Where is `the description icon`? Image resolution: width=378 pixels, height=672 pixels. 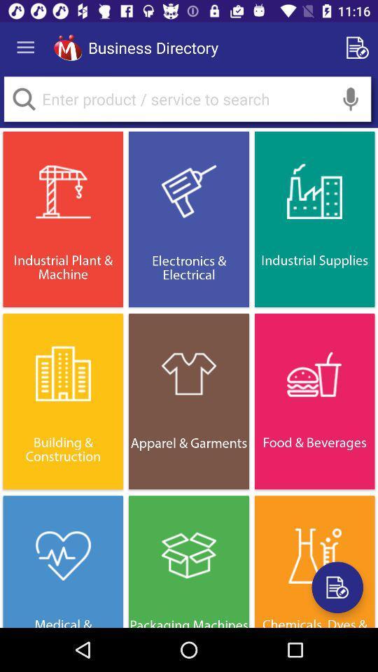
the description icon is located at coordinates (337, 587).